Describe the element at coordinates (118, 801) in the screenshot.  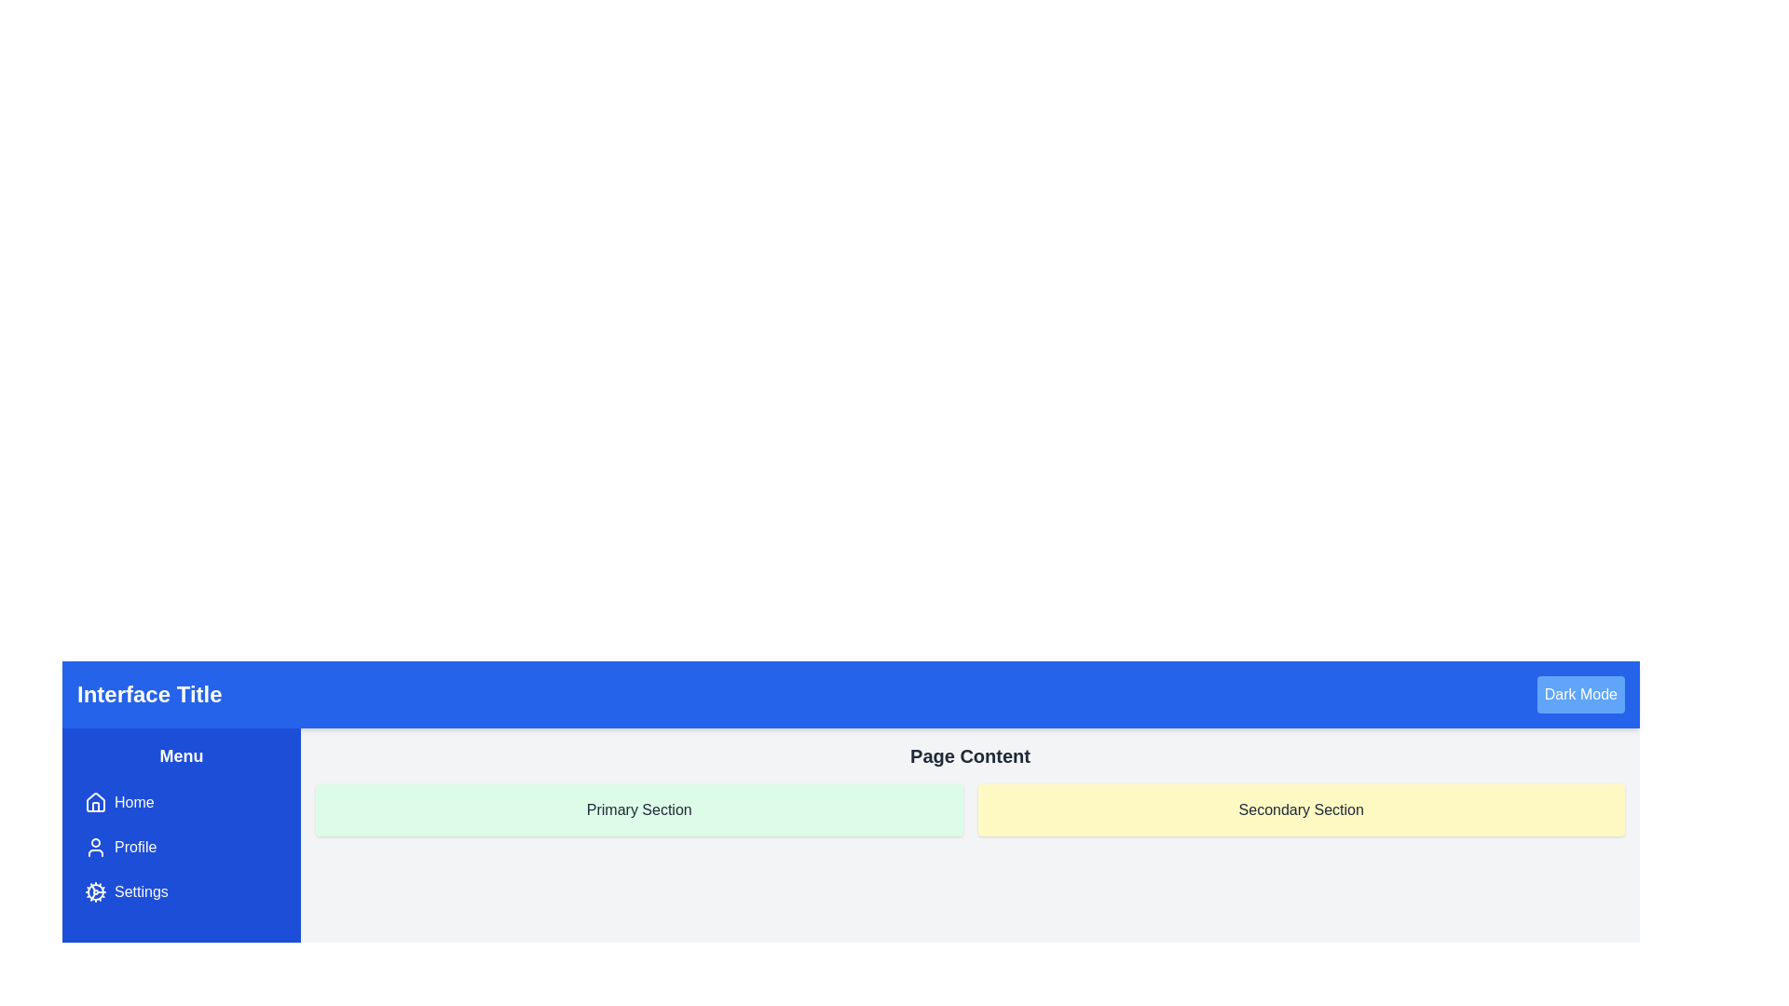
I see `the 'Home' button located in the left-hand navigation bar, which is the first item below the 'Menu' header` at that location.